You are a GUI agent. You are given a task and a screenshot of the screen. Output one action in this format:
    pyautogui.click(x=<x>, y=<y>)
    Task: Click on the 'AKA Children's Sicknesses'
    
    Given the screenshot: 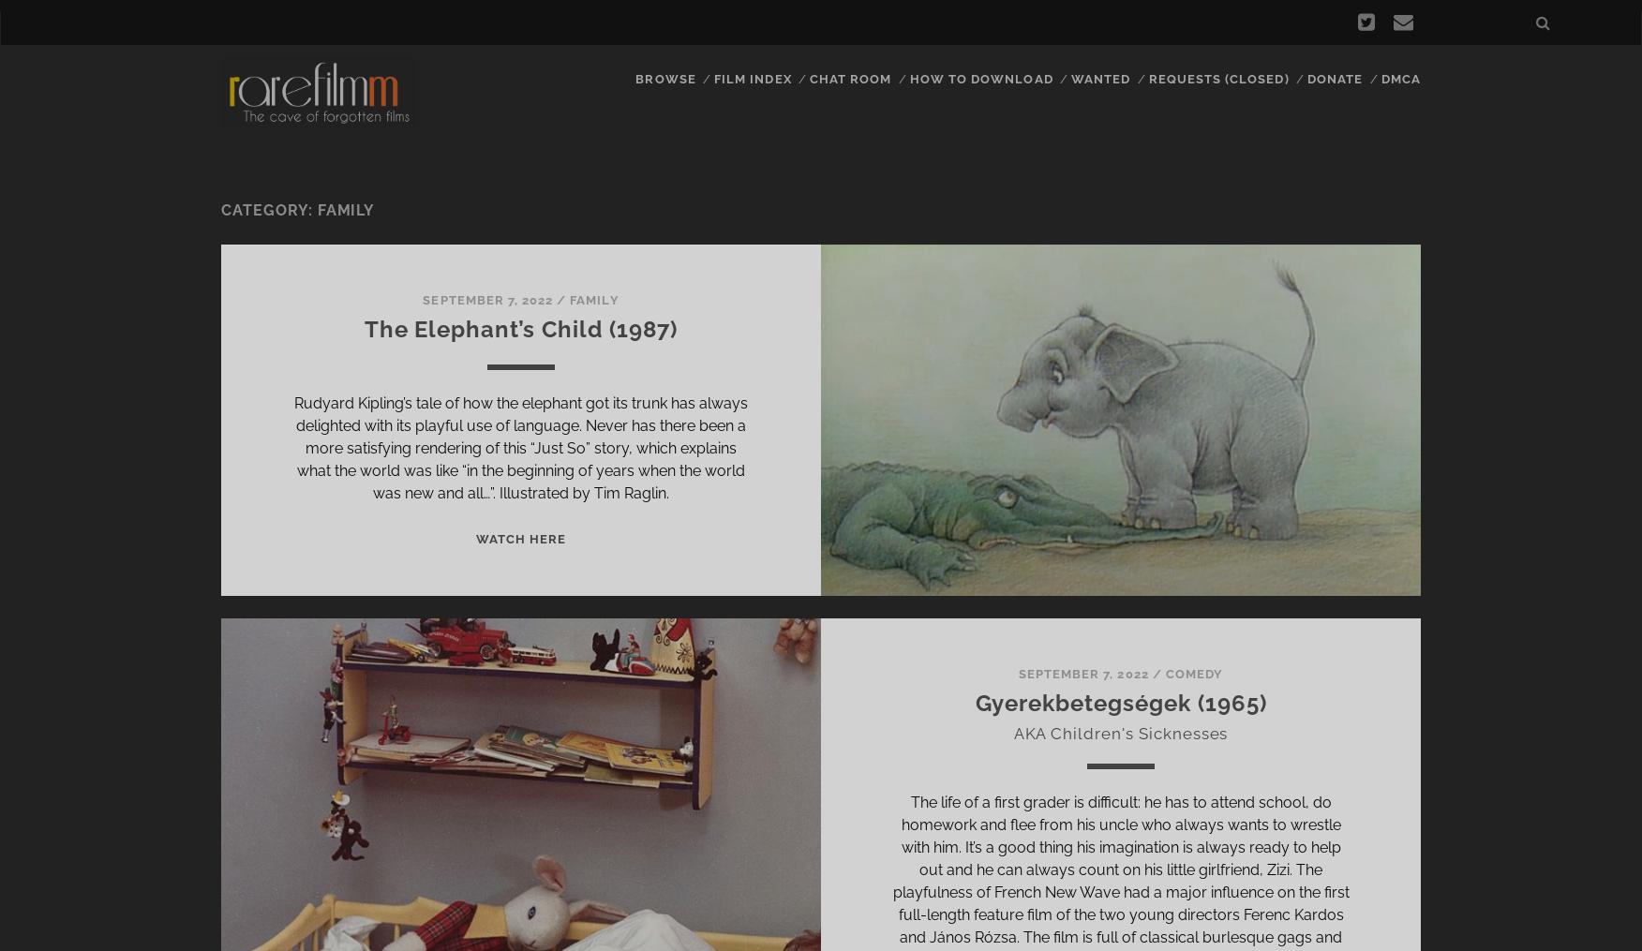 What is the action you would take?
    pyautogui.click(x=1120, y=732)
    